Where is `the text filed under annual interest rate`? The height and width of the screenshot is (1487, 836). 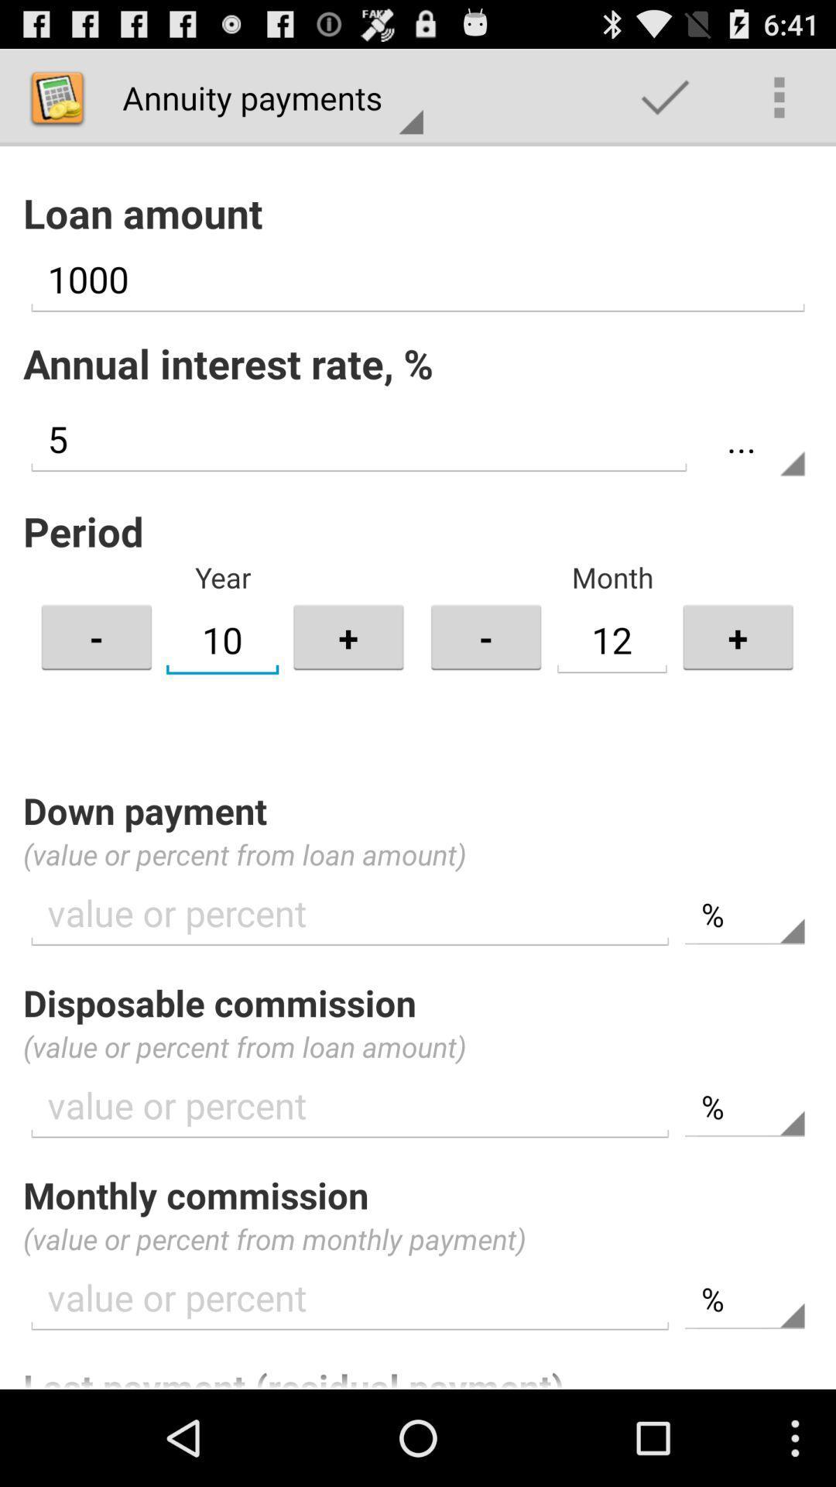
the text filed under annual interest rate is located at coordinates (358, 438).